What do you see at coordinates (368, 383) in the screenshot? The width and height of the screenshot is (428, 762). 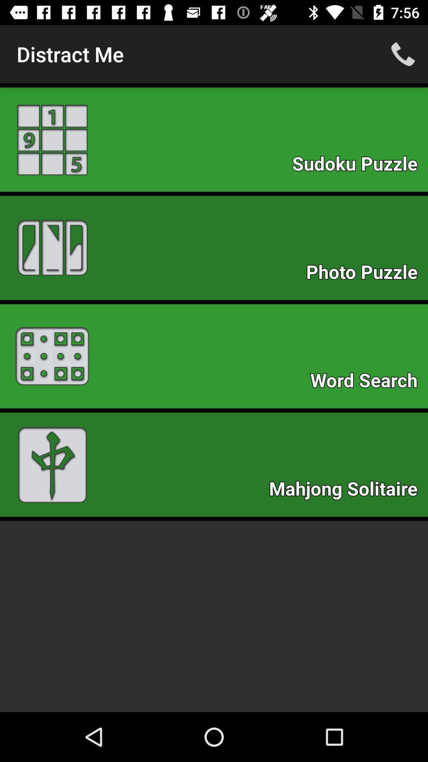 I see `the icon below photo puzzle` at bounding box center [368, 383].